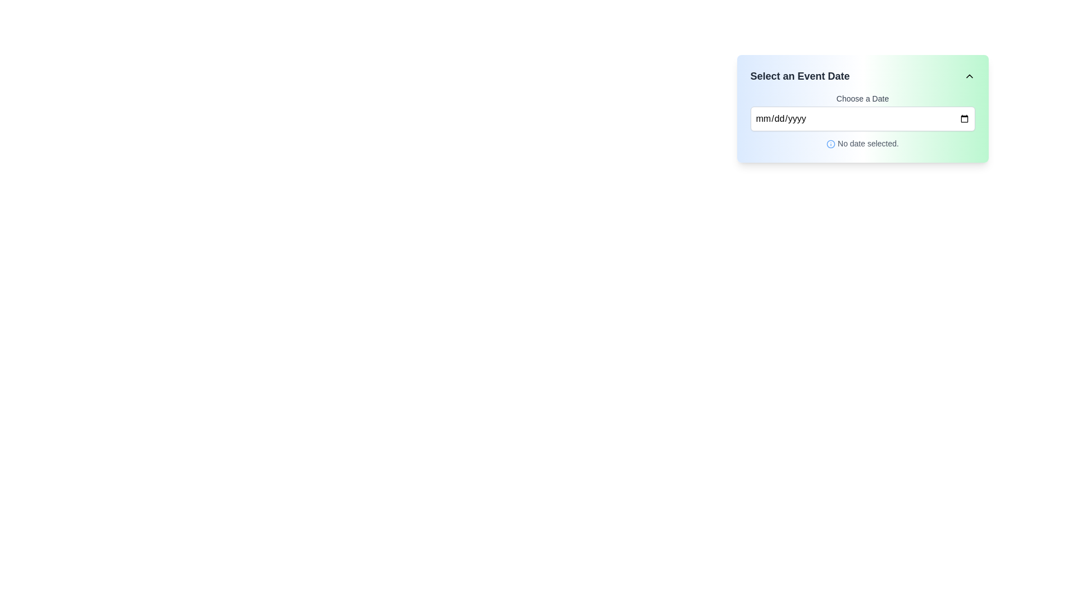 This screenshot has height=606, width=1078. Describe the element at coordinates (800, 76) in the screenshot. I see `the Text Label that serves as a descriptive header for the section guiding users to select an event date` at that location.